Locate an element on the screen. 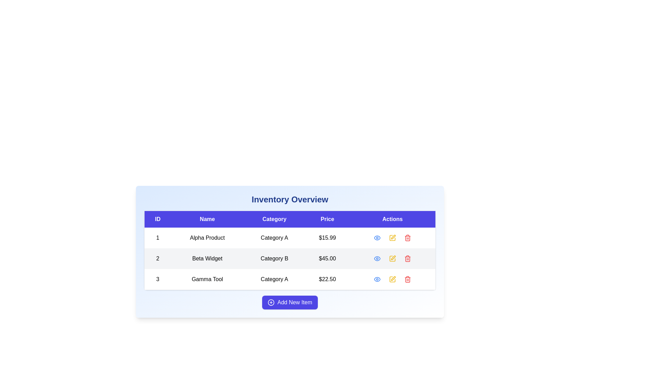 This screenshot has height=373, width=664. the button group containing the blue eye icon, yellow pen icon, and red trash bin icon in the 'Actions' column of the 'Inventory Overview' table for the item 'Beta Widget' priced at $45.00 to interact with it is located at coordinates (393, 258).